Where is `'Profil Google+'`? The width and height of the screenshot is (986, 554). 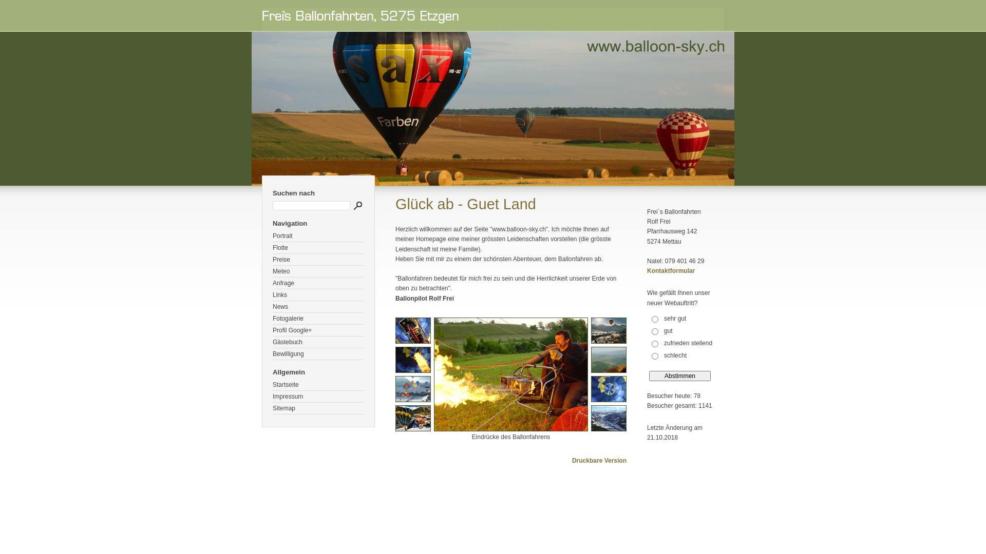 'Profil Google+' is located at coordinates (317, 330).